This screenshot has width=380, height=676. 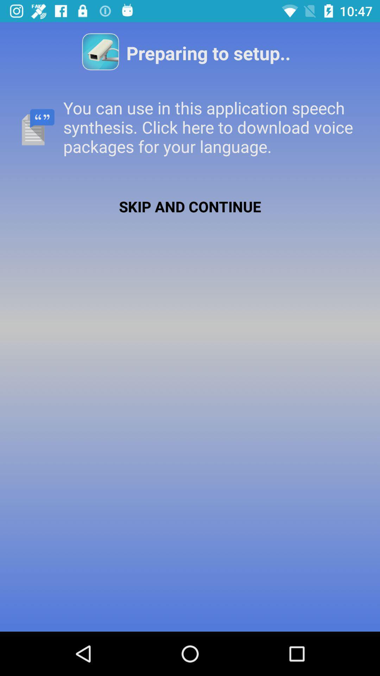 I want to click on the you can use item, so click(x=190, y=127).